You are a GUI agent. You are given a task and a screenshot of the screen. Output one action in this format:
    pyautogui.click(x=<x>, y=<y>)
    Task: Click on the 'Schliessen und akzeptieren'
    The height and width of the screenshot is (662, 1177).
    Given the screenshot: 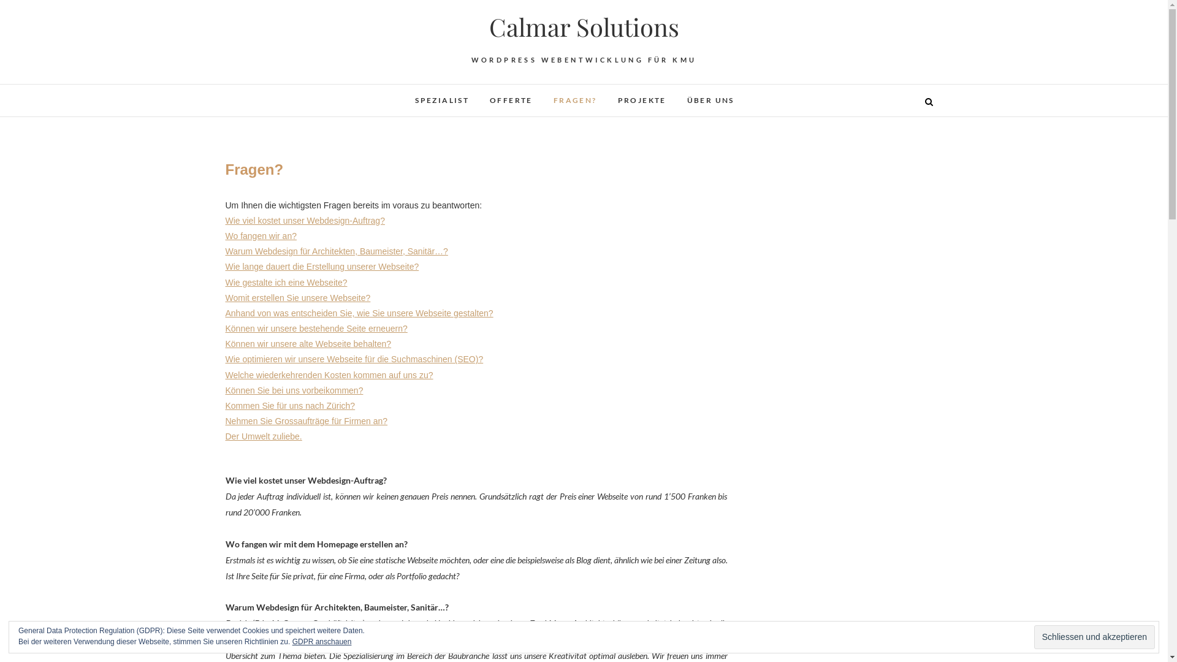 What is the action you would take?
    pyautogui.click(x=1094, y=636)
    